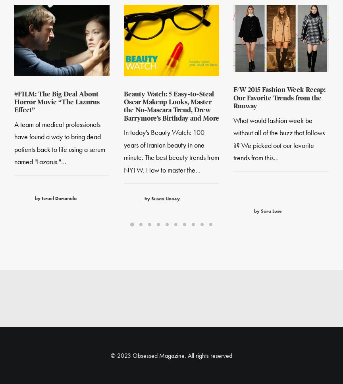  Describe the element at coordinates (171, 107) in the screenshot. I see `'Beauty Watch: 5 Easy-to-Steal Oscar Makeup Looks, Master the No-Mascara Trend, Drew Barrymore’s  Birthday and More'` at that location.